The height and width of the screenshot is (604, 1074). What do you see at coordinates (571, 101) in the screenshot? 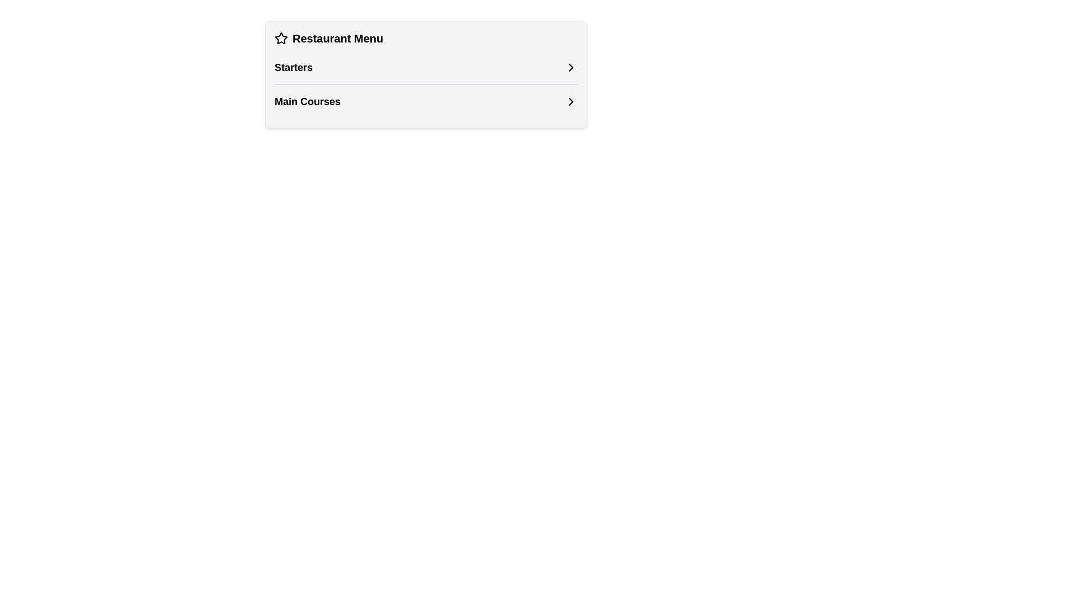
I see `the chevron-right icon located in the bottom entry of the vertical menu, aligned to the right of the 'Main Courses' text` at bounding box center [571, 101].